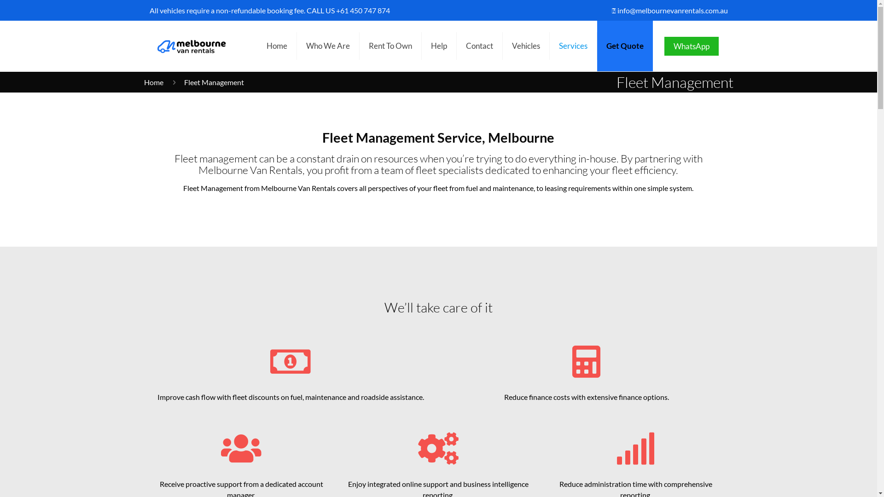  I want to click on 'Get Quote', so click(624, 46).